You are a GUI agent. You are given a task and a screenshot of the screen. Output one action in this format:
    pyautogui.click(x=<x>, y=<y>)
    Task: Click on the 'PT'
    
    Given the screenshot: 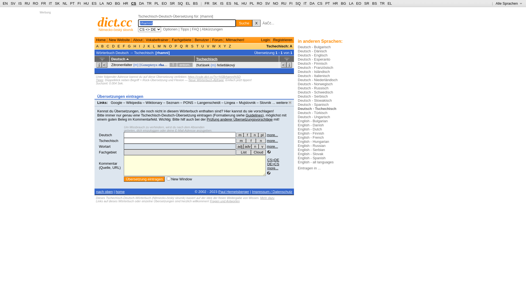 What is the action you would take?
    pyautogui.click(x=72, y=3)
    